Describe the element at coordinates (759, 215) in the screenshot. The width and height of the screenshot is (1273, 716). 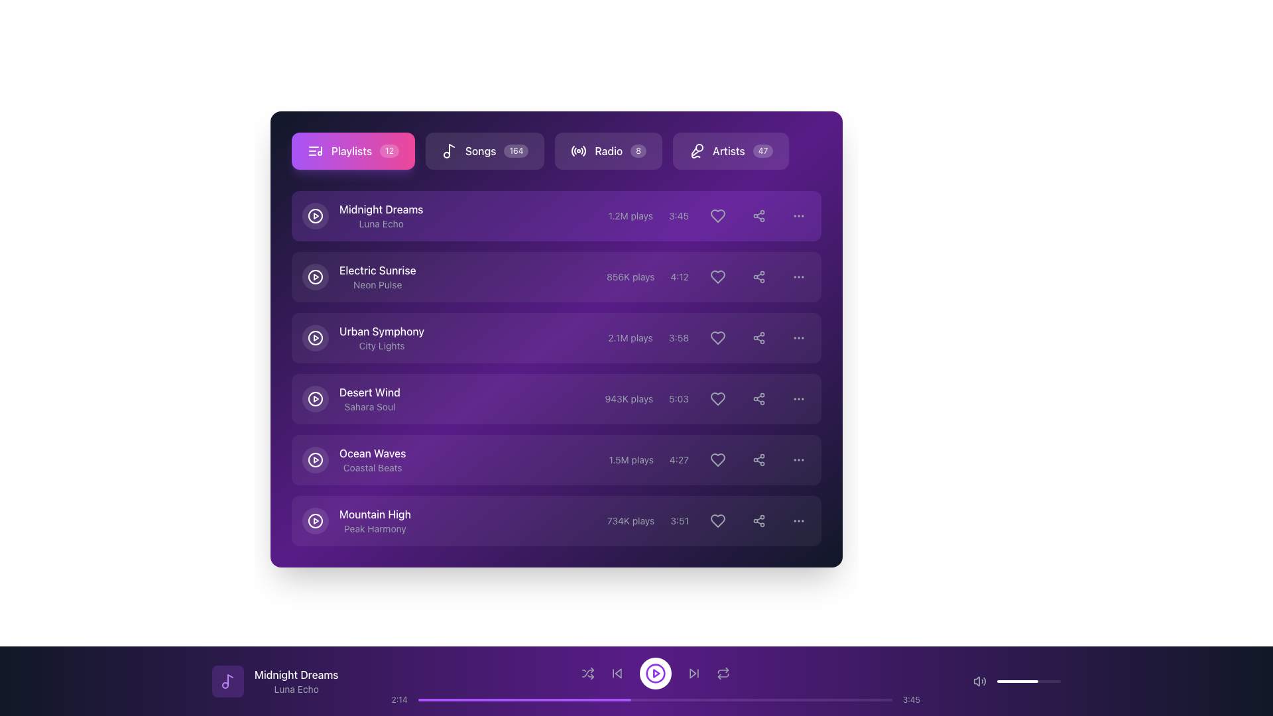
I see `the share icon, which resembles a triangular pattern of three connected circles, located next to the heart icon in the 'Midnight Dreams' playlist row` at that location.